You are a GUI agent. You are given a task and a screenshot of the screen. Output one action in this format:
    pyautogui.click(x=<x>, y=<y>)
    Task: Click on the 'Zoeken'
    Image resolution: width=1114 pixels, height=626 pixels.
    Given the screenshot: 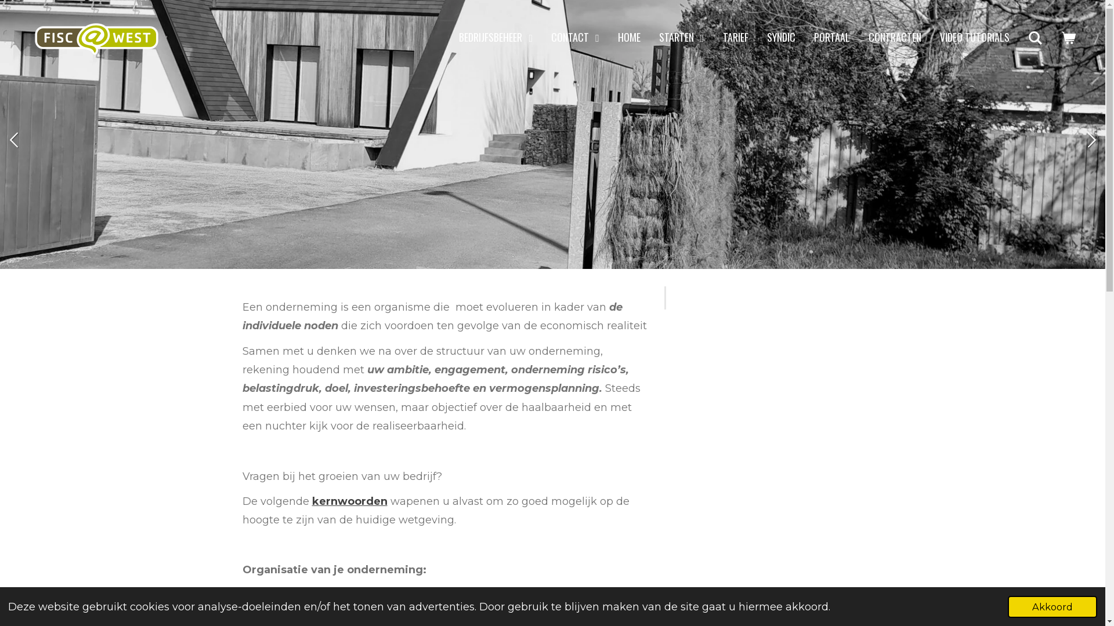 What is the action you would take?
    pyautogui.click(x=1022, y=37)
    